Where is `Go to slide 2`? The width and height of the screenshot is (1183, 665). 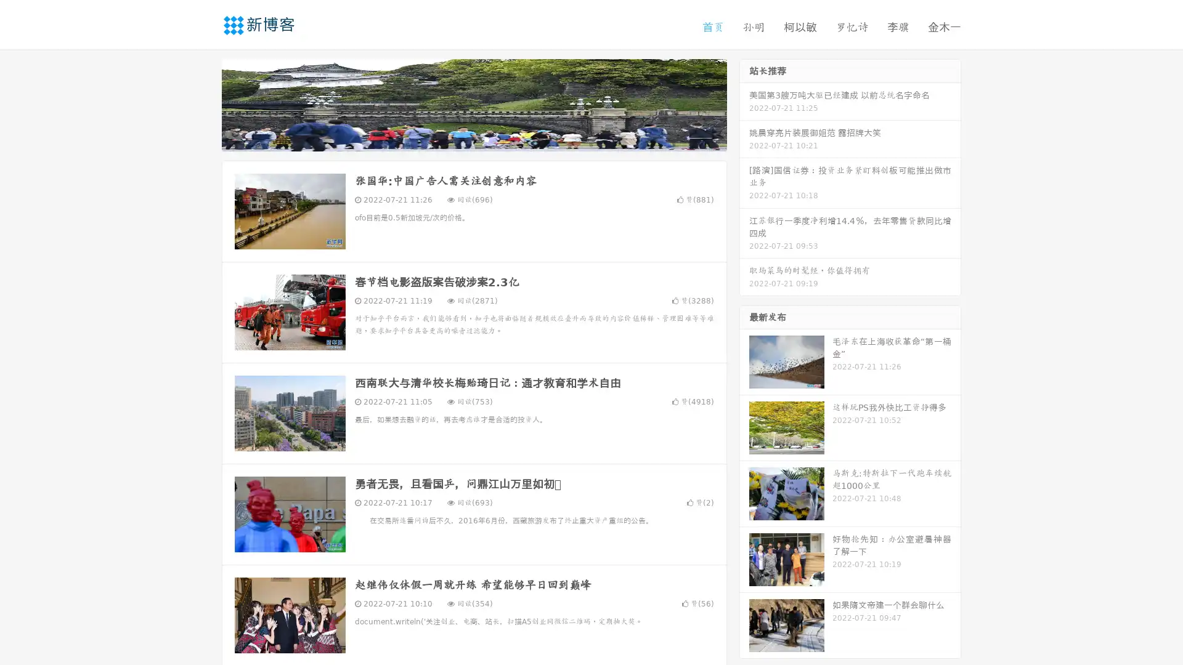
Go to slide 2 is located at coordinates (473, 139).